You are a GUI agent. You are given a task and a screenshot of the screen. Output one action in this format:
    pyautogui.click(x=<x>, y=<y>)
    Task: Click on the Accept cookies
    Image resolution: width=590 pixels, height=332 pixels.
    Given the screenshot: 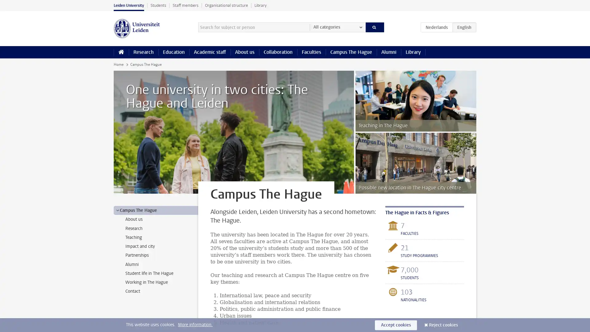 What is the action you would take?
    pyautogui.click(x=396, y=325)
    